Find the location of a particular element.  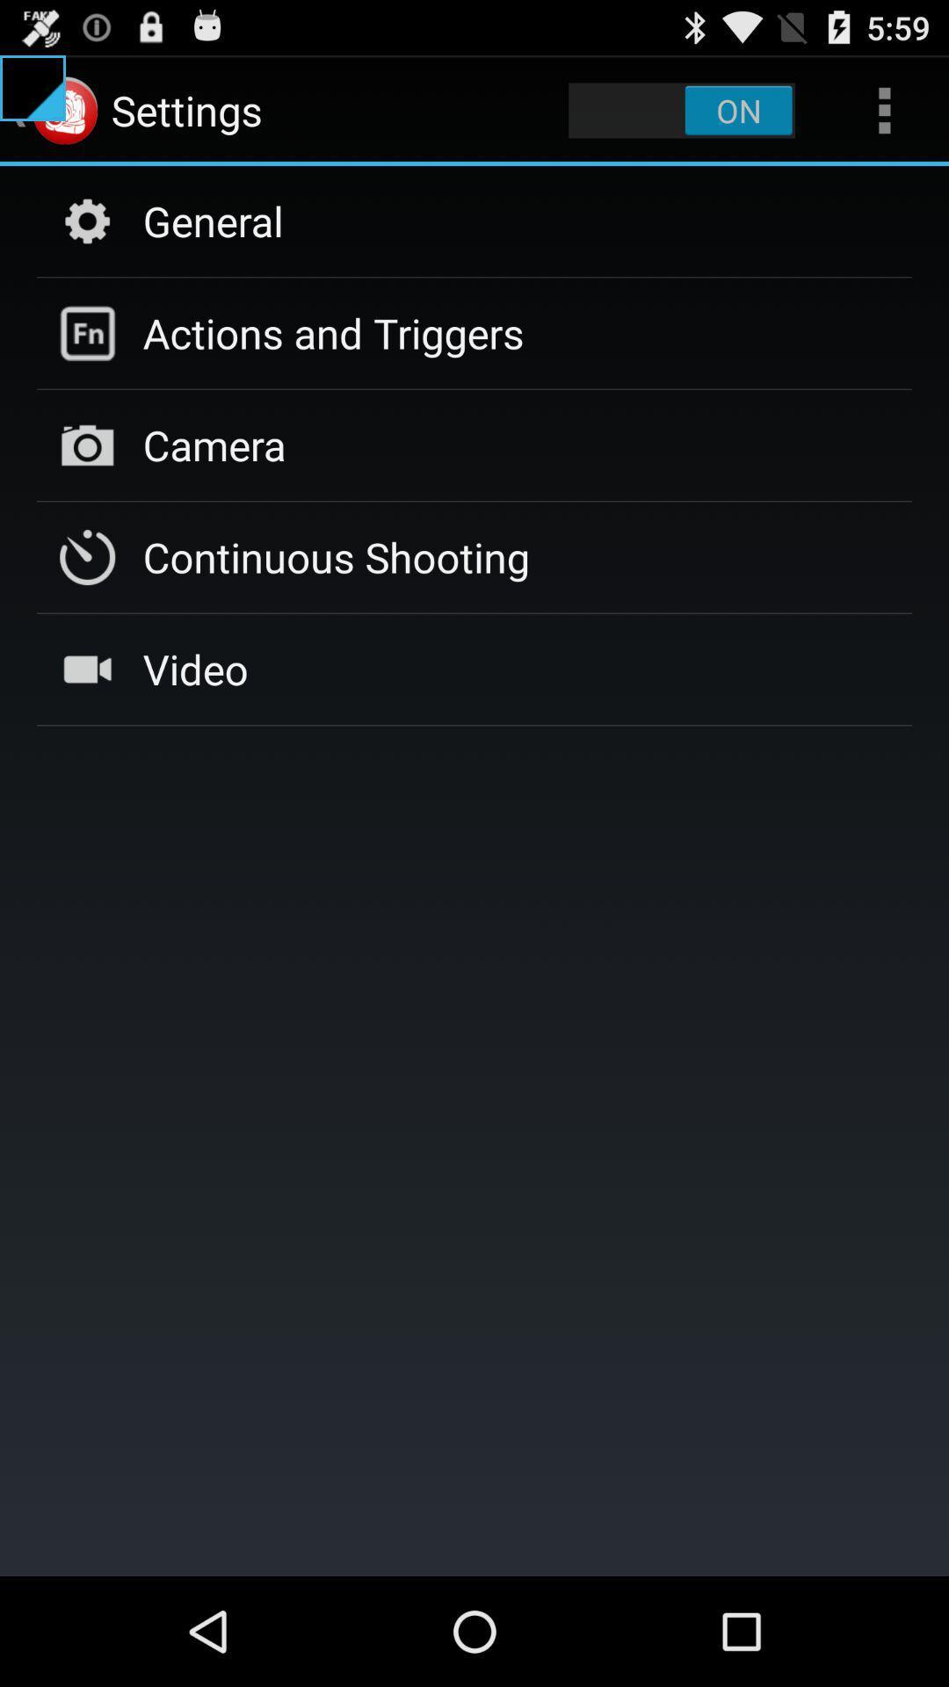

icon below the actions and triggers is located at coordinates (214, 445).